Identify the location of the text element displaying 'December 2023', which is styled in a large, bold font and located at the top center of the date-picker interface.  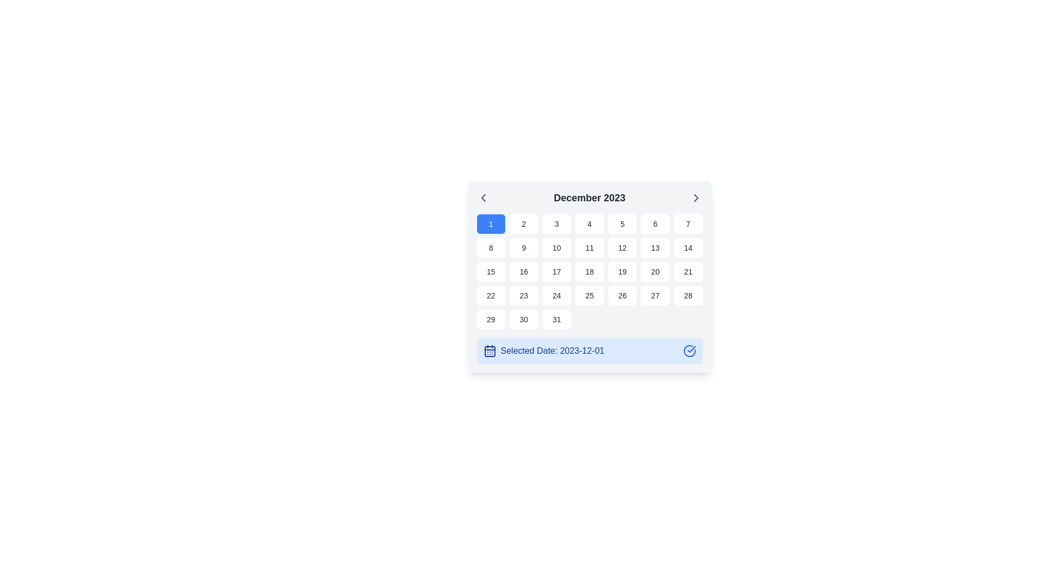
(589, 198).